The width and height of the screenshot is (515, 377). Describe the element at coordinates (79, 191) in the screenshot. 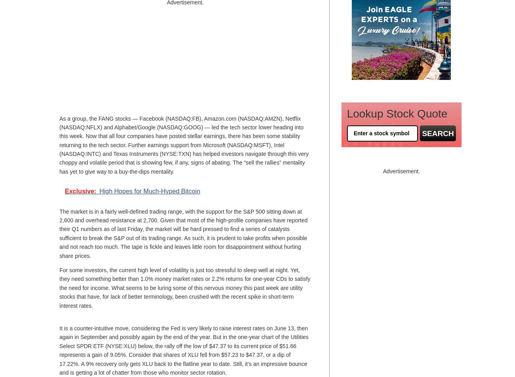

I see `'Exclusive'` at that location.